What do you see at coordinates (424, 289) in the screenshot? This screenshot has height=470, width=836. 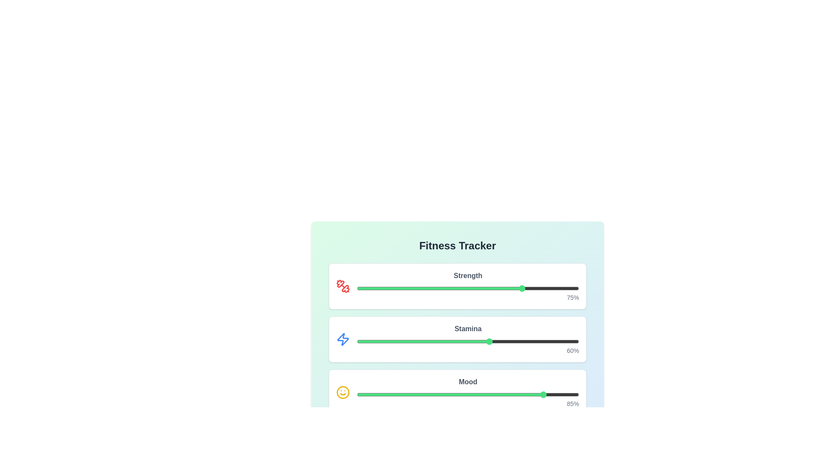 I see `the 'Strength' slider to 30 percent` at bounding box center [424, 289].